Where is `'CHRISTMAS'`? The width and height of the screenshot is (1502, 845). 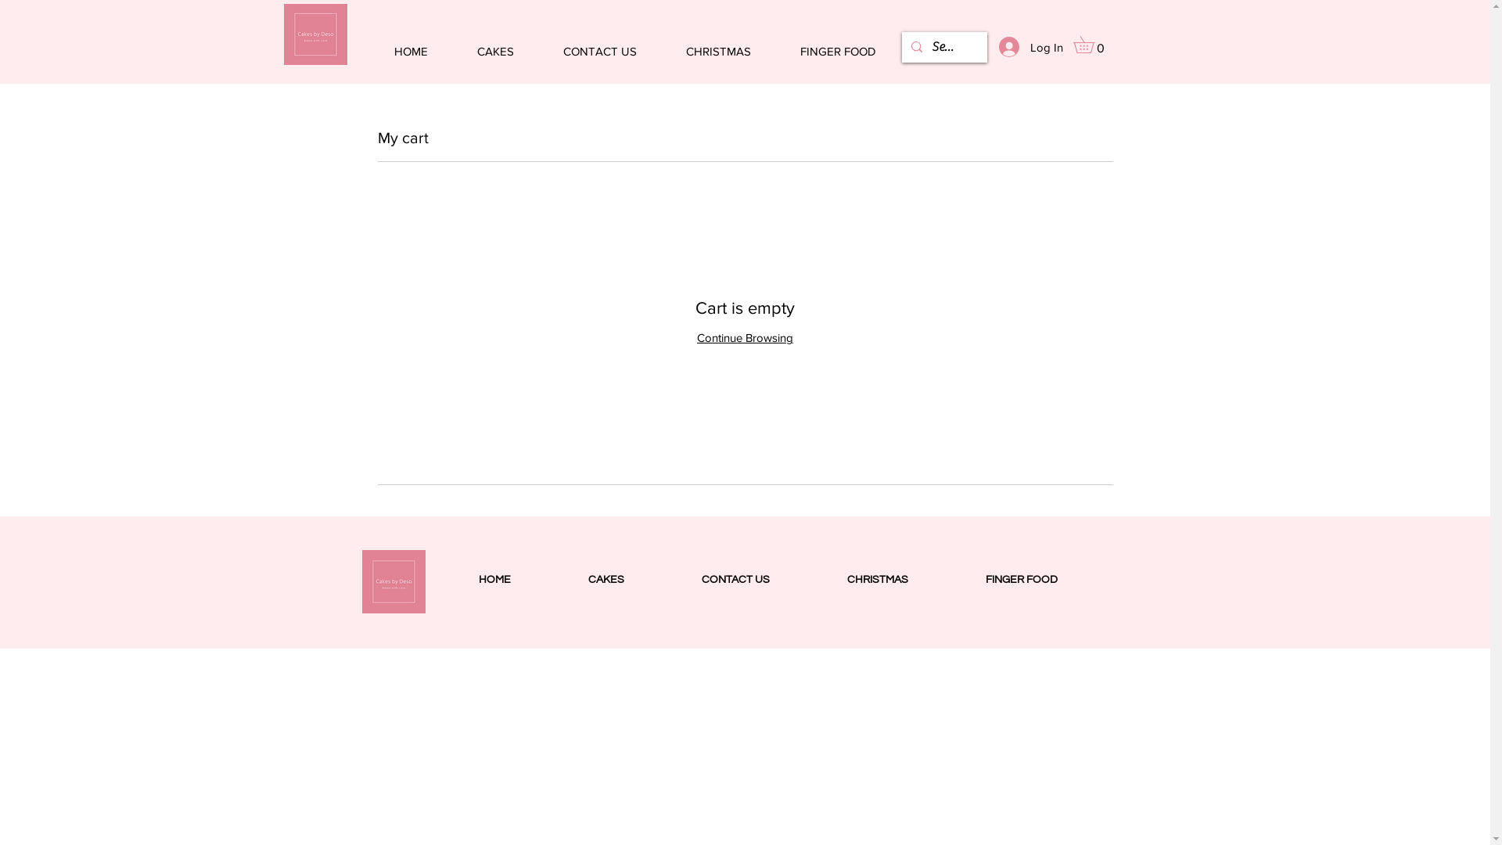
'CHRISTMAS' is located at coordinates (878, 579).